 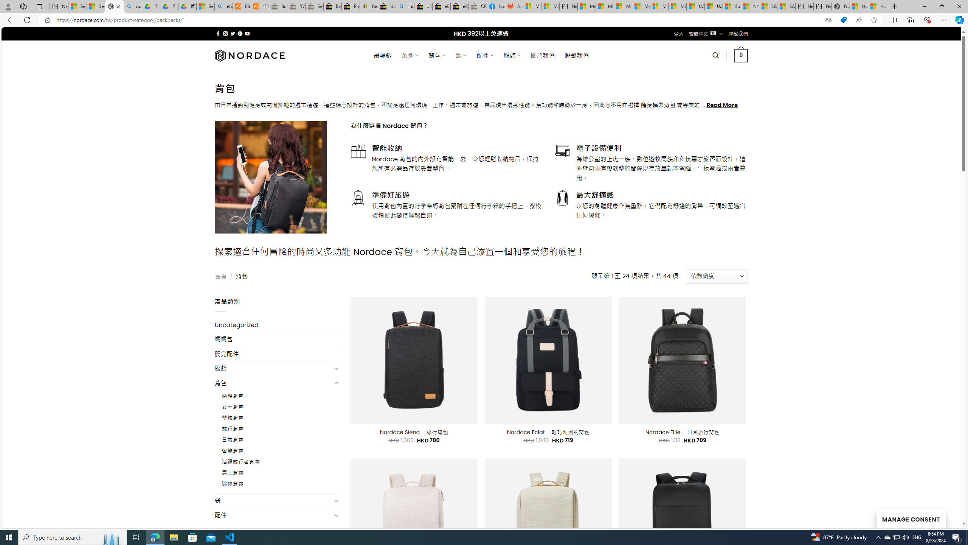 What do you see at coordinates (351, 6) in the screenshot?
I see `'Press Room - eBay Inc.'` at bounding box center [351, 6].